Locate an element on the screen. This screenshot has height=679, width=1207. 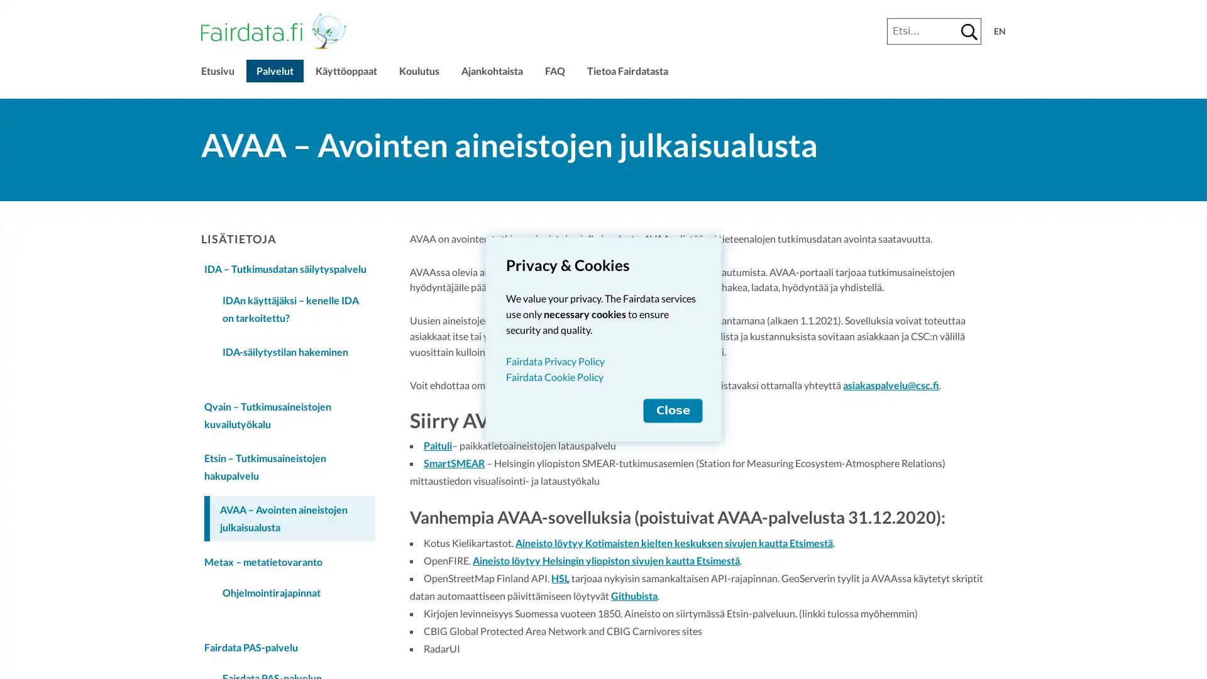
Hae is located at coordinates (968, 31).